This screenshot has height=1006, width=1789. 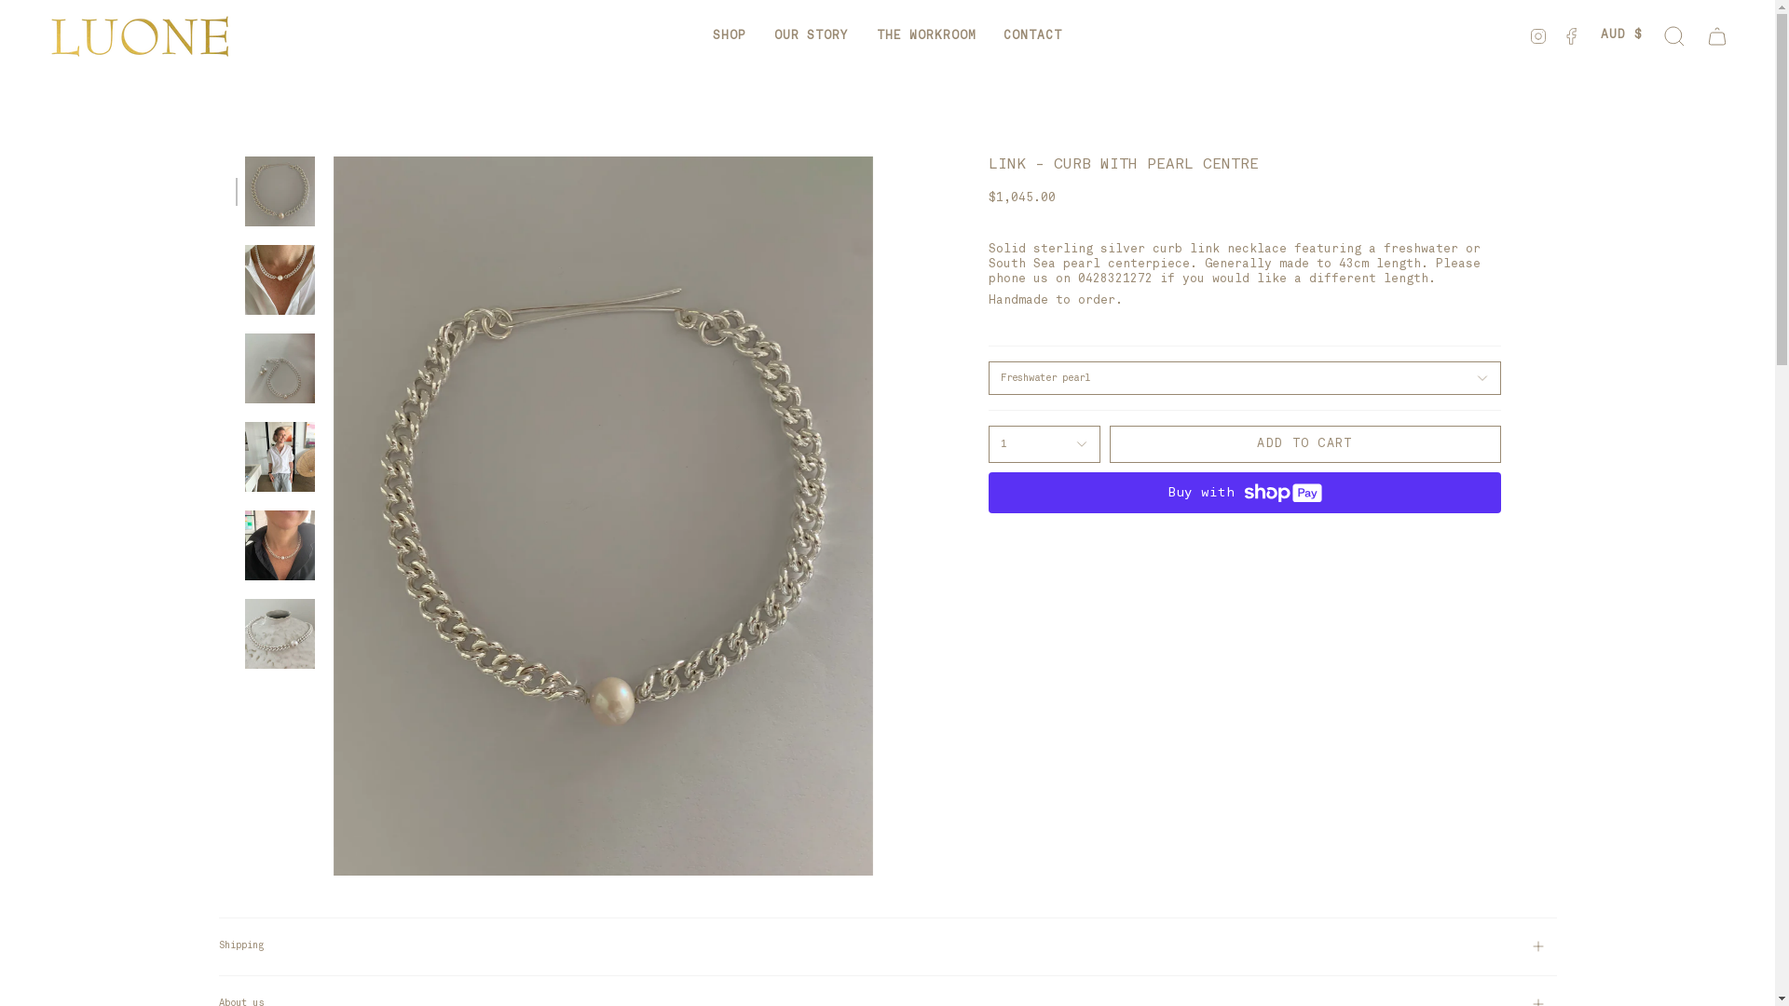 I want to click on 'SHOP', so click(x=728, y=35).